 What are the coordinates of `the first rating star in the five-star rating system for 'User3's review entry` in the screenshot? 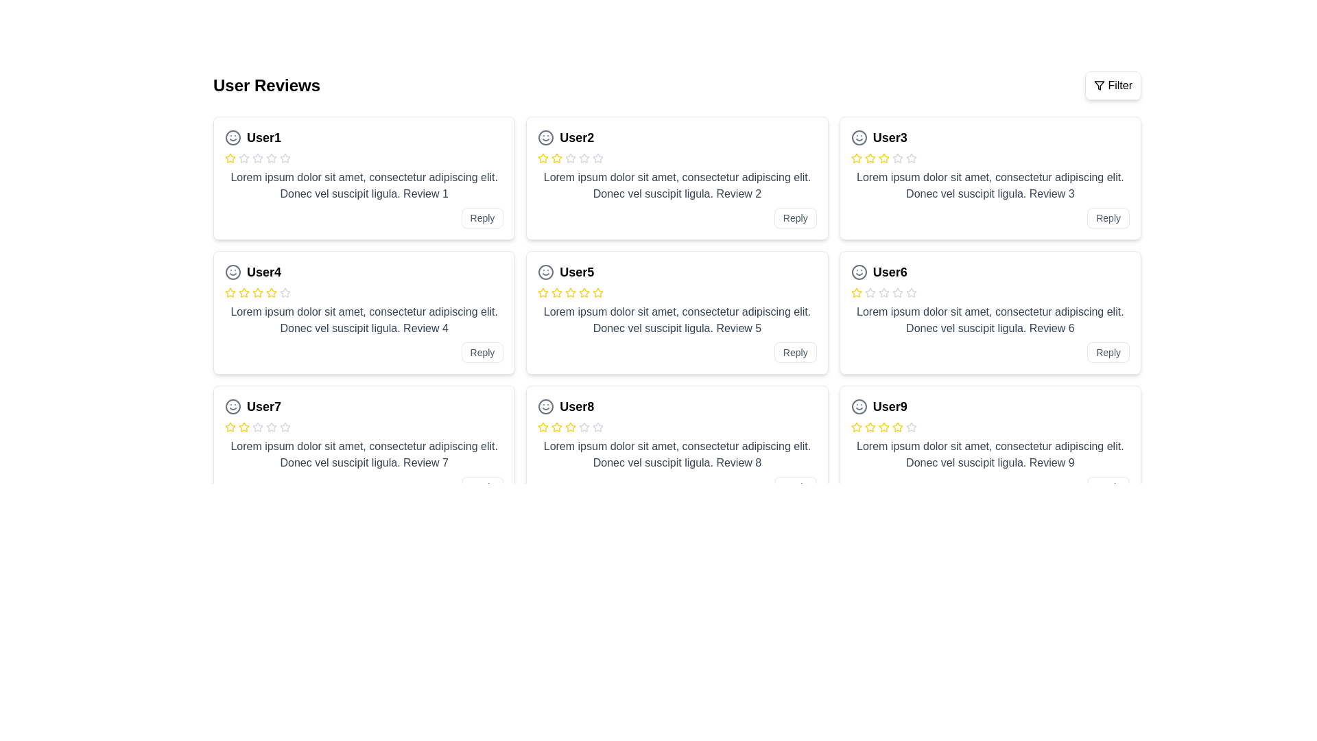 It's located at (855, 158).